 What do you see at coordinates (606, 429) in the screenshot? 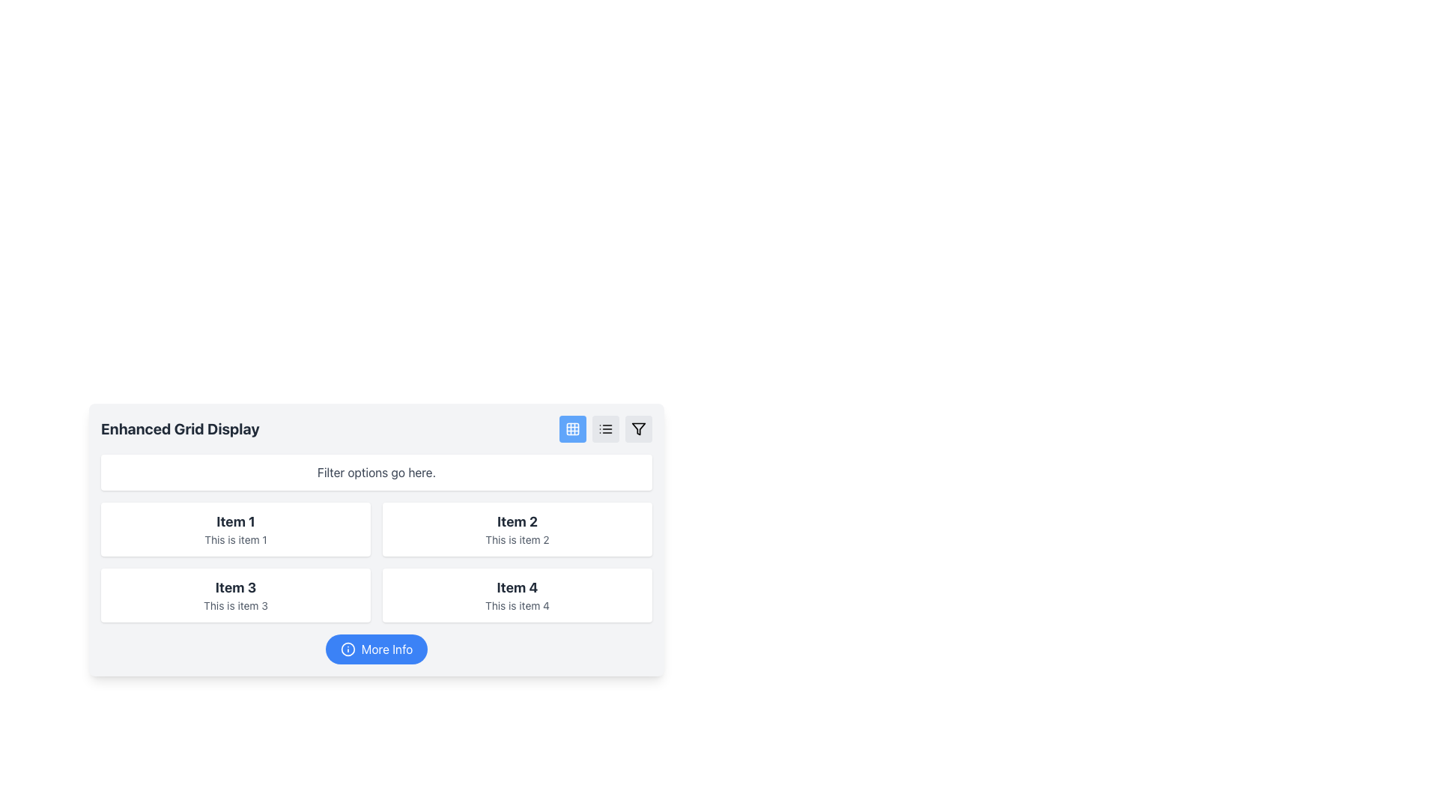
I see `the middle button in the group of three, which toggles the display layout of the grid below to a list format` at bounding box center [606, 429].